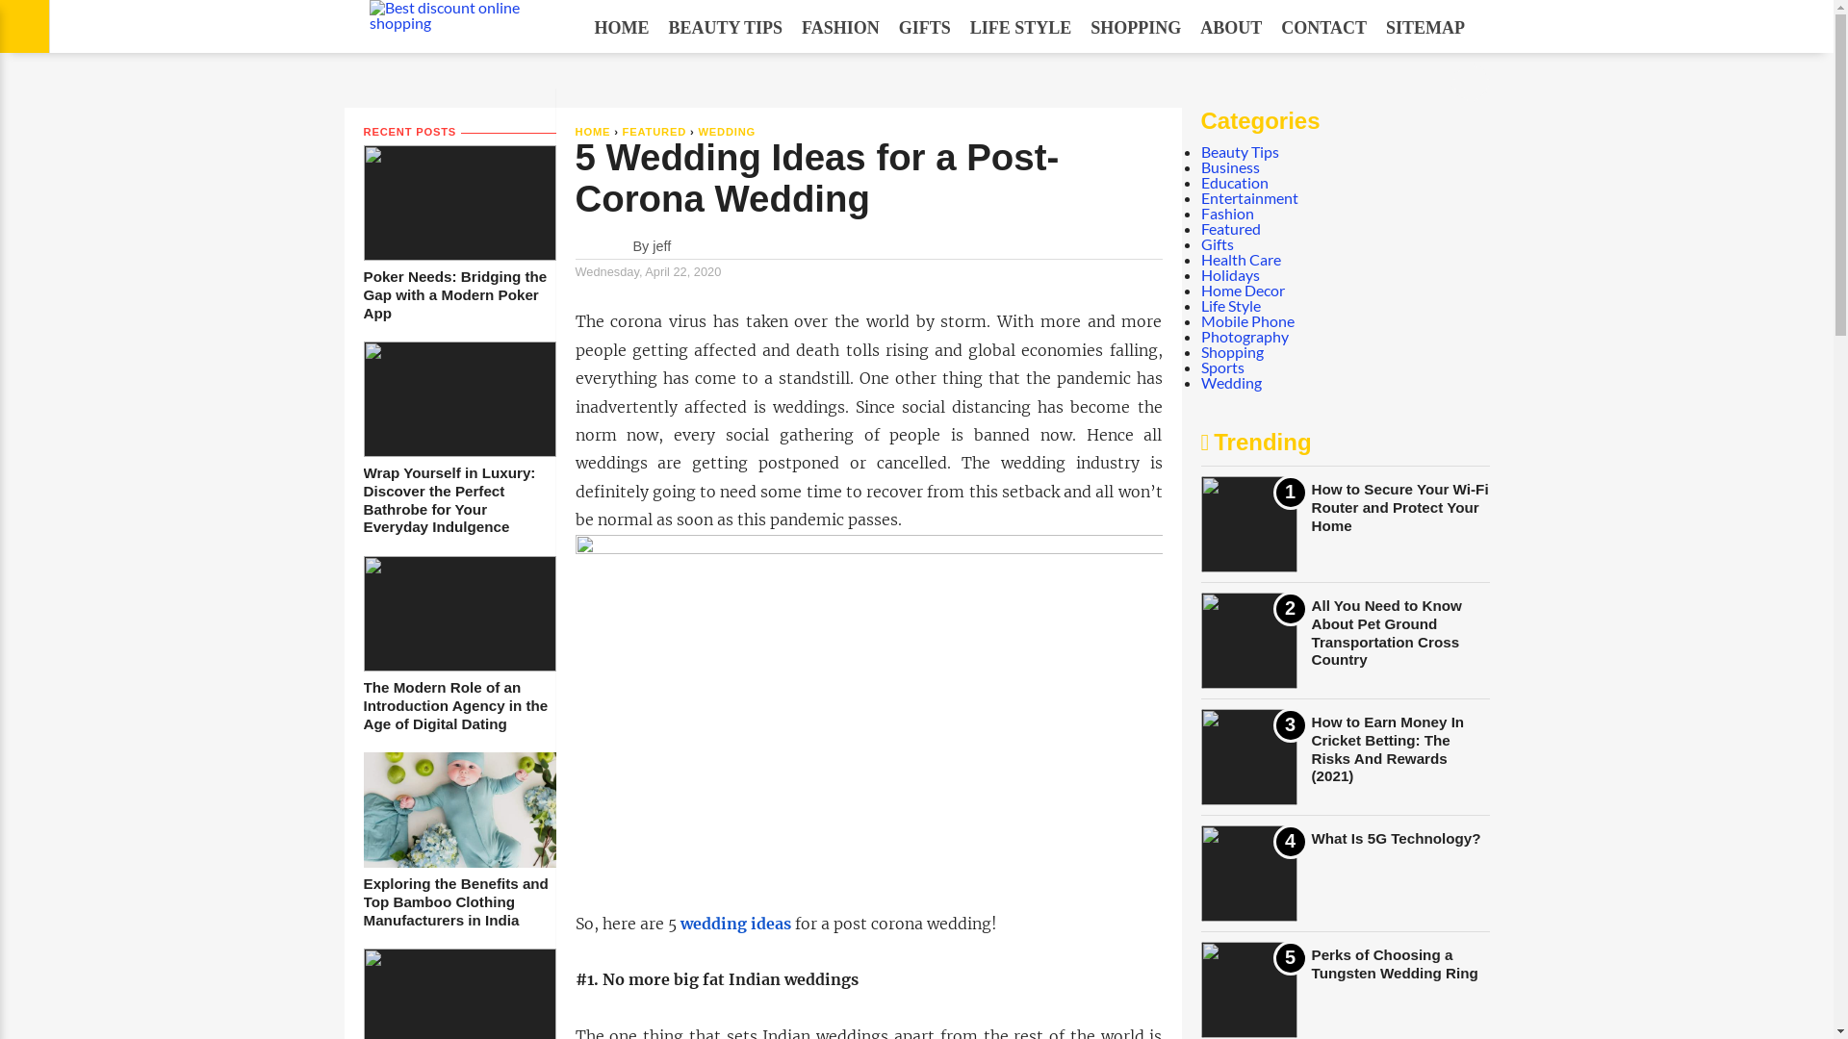 This screenshot has width=1848, height=1039. Describe the element at coordinates (840, 28) in the screenshot. I see `'FASHION'` at that location.